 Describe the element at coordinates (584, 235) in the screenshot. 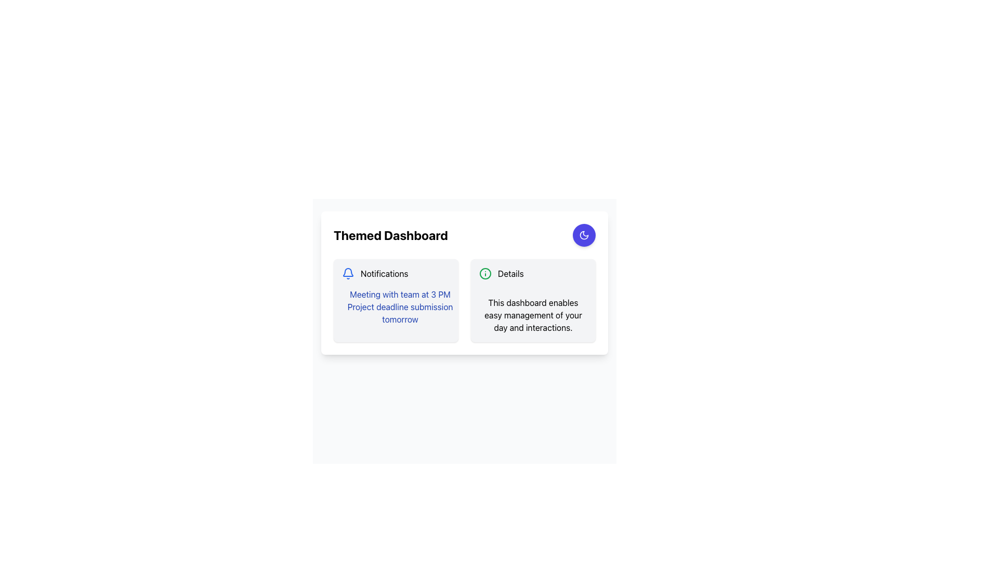

I see `the moon icon located in the upper-right corner of the 'Themed Dashboard' card` at that location.